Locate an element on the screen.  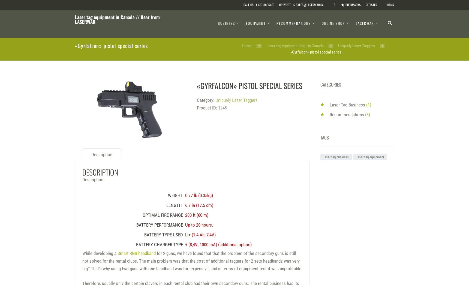
'Laser tag equipment shop in Canada' is located at coordinates (295, 45).